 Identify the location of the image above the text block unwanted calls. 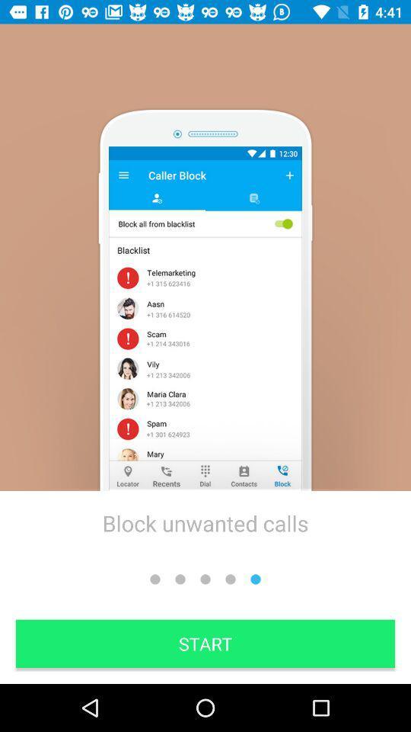
(205, 317).